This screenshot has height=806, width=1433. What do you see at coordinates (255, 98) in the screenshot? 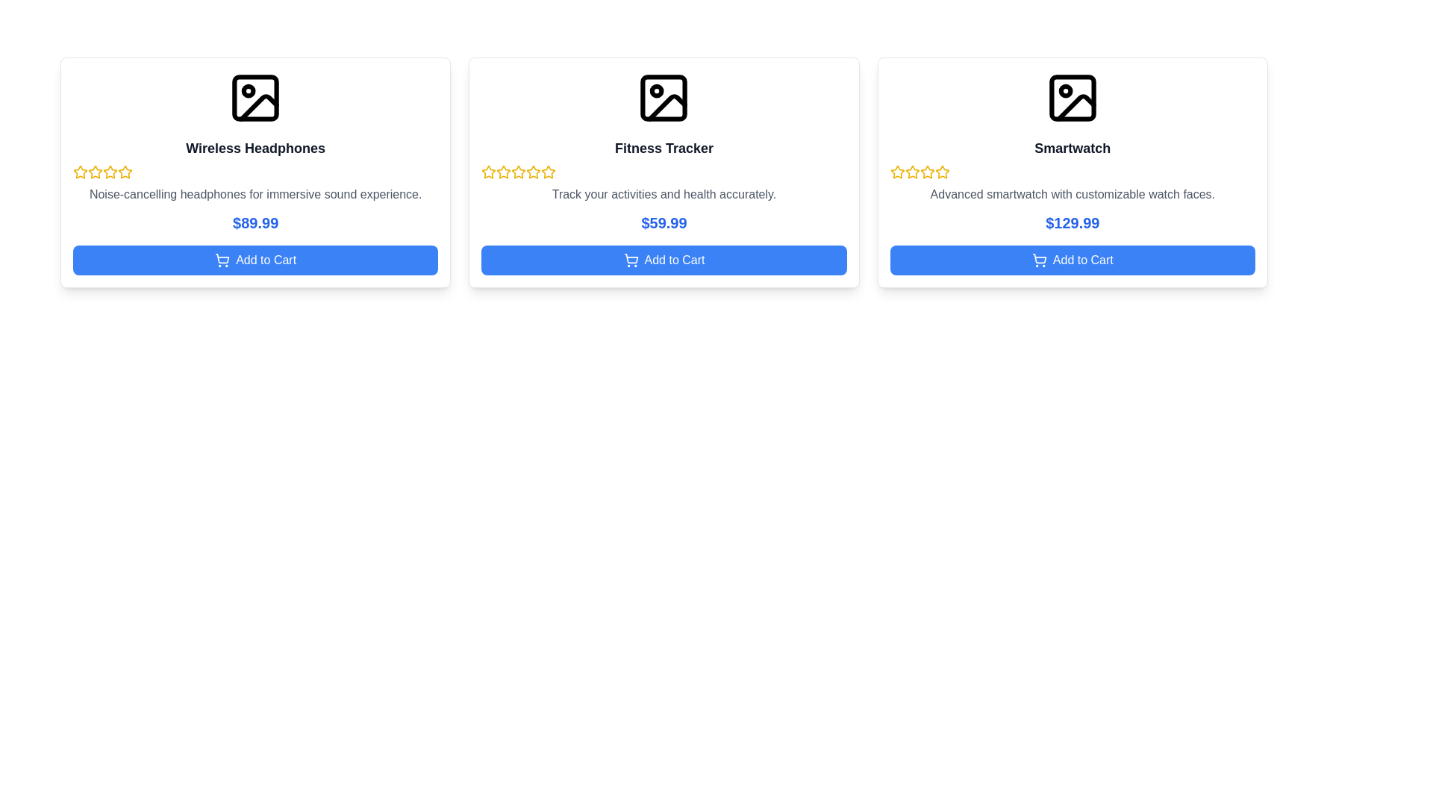
I see `the prominent black and white image placeholder at the top-center of the 'Wireless Headphones' product card` at bounding box center [255, 98].